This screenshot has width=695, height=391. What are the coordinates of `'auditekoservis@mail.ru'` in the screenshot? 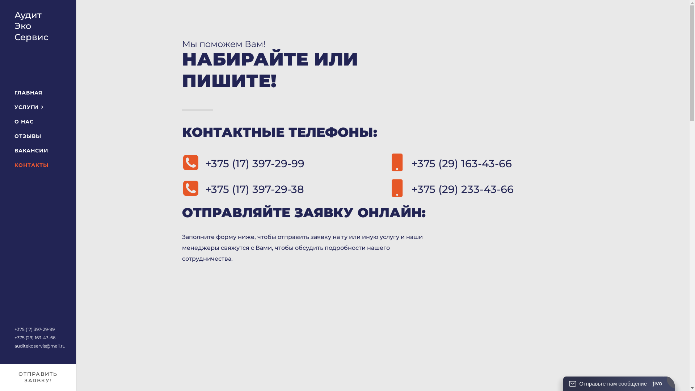 It's located at (39, 345).